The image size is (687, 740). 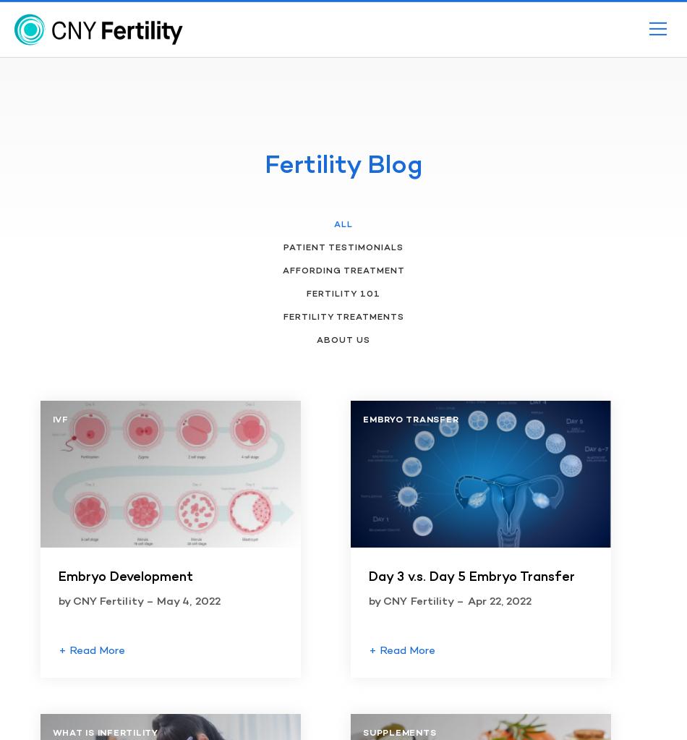 What do you see at coordinates (499, 601) in the screenshot?
I see `'Apr 22, 2022'` at bounding box center [499, 601].